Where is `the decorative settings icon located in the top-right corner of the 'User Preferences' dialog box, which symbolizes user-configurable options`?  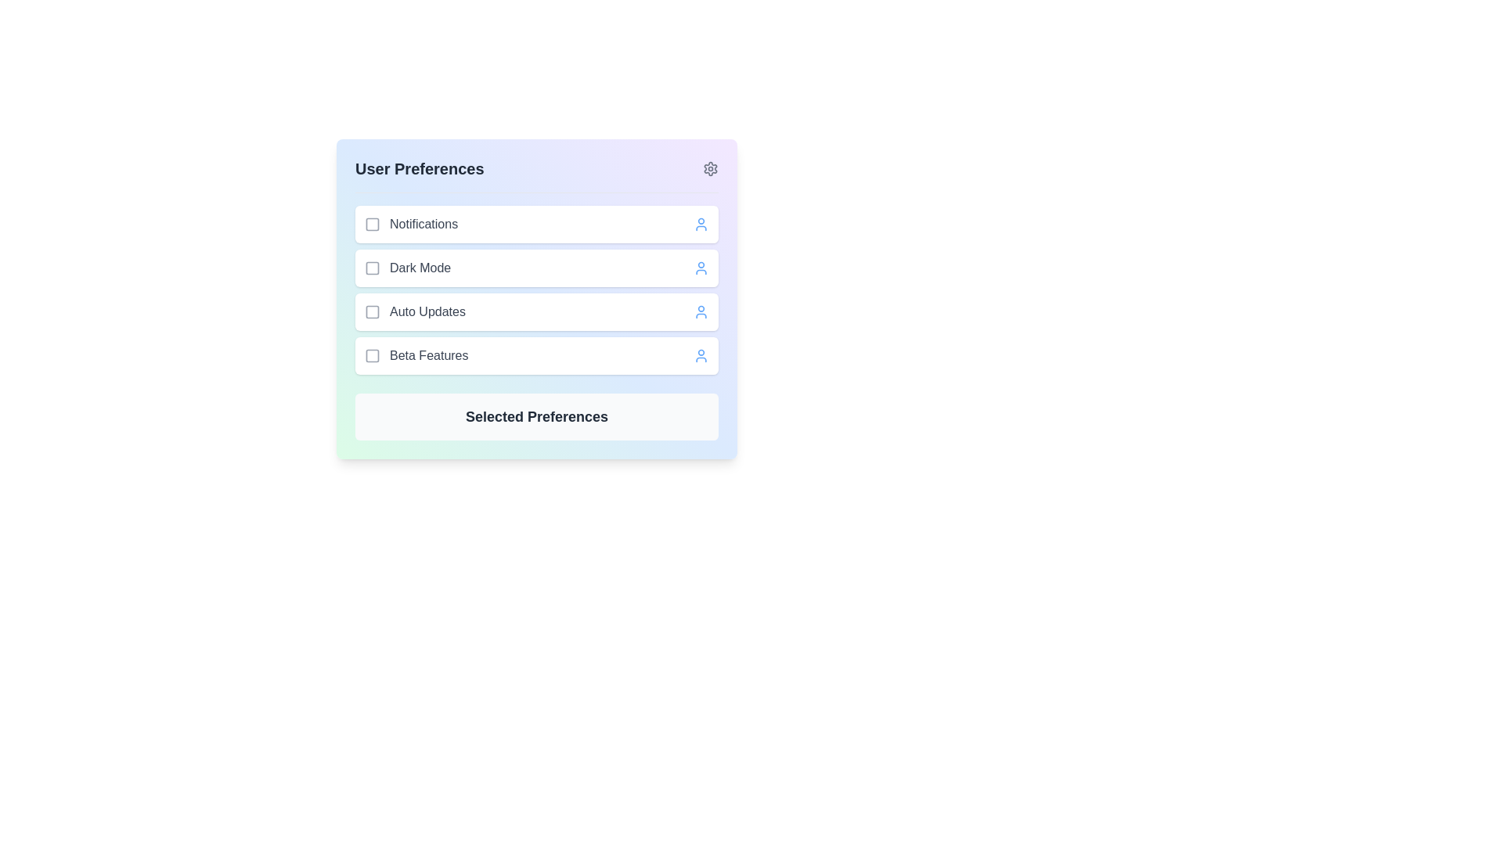 the decorative settings icon located in the top-right corner of the 'User Preferences' dialog box, which symbolizes user-configurable options is located at coordinates (709, 169).